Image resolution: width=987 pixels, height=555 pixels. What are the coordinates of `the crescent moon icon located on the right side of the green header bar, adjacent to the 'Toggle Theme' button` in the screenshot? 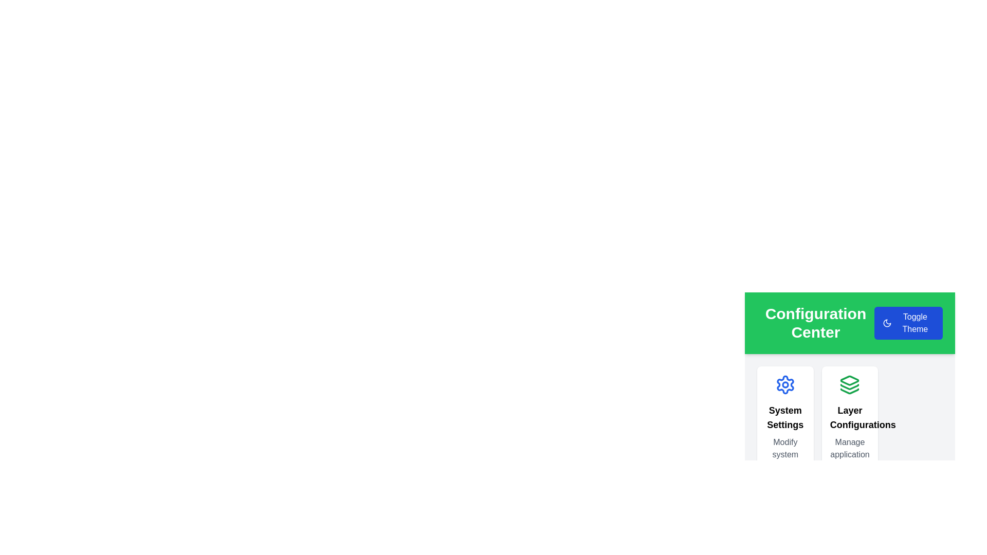 It's located at (886, 322).